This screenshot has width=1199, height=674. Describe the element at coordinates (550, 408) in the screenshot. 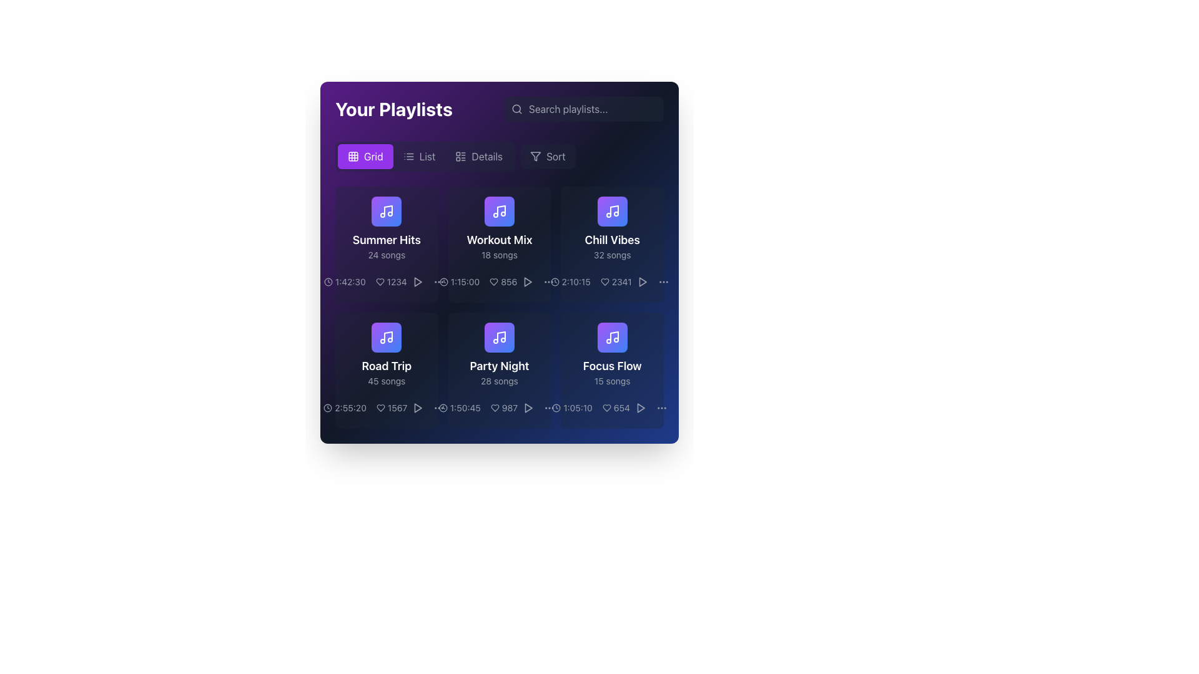

I see `the circular button with a horizontal ellipsis inside, located at the bottom-right corner of the 'Focus Flow' playlist card` at that location.